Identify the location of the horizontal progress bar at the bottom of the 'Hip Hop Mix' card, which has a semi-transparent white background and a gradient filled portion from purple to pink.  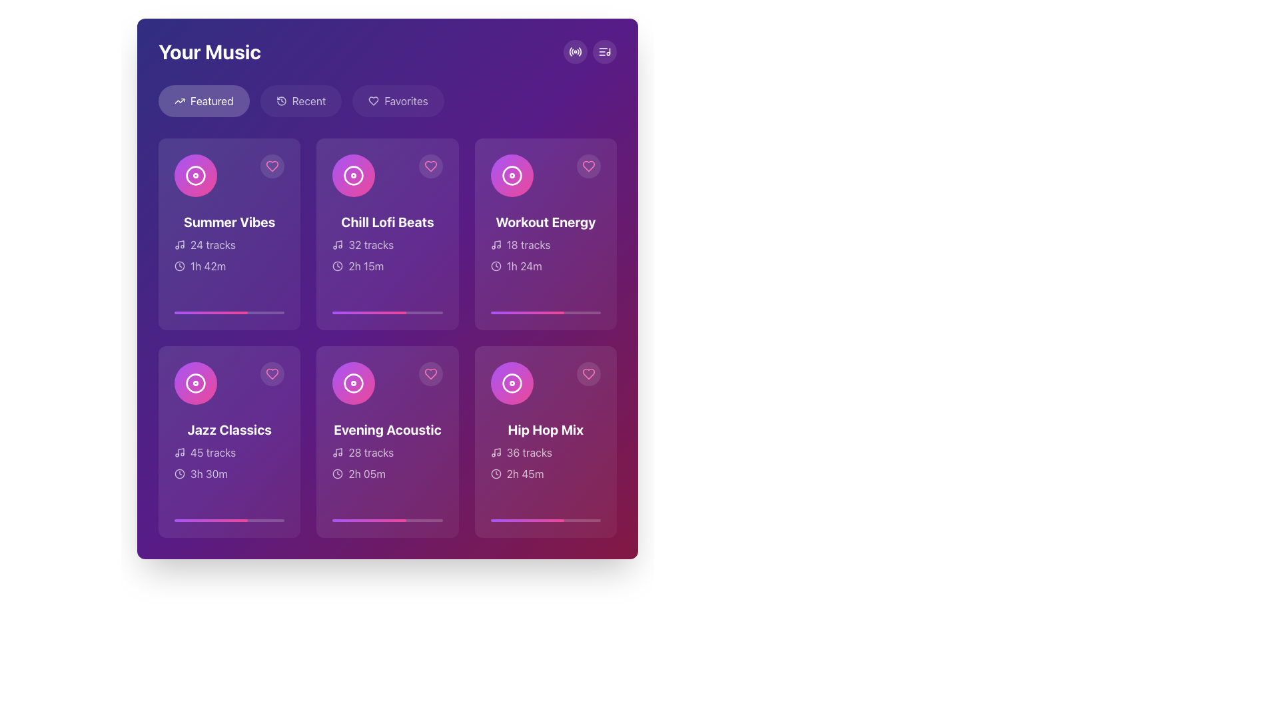
(546, 520).